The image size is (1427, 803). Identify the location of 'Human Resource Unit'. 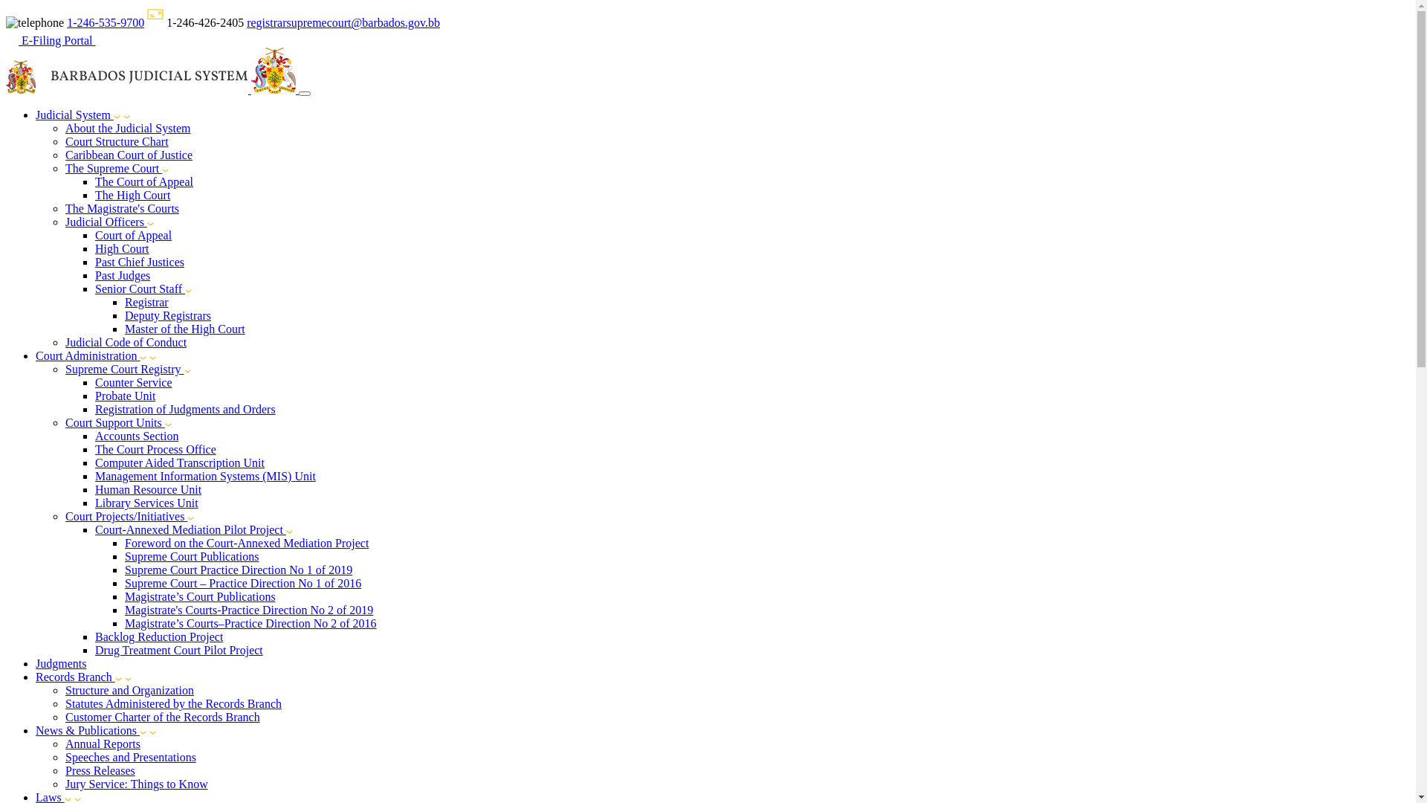
(148, 489).